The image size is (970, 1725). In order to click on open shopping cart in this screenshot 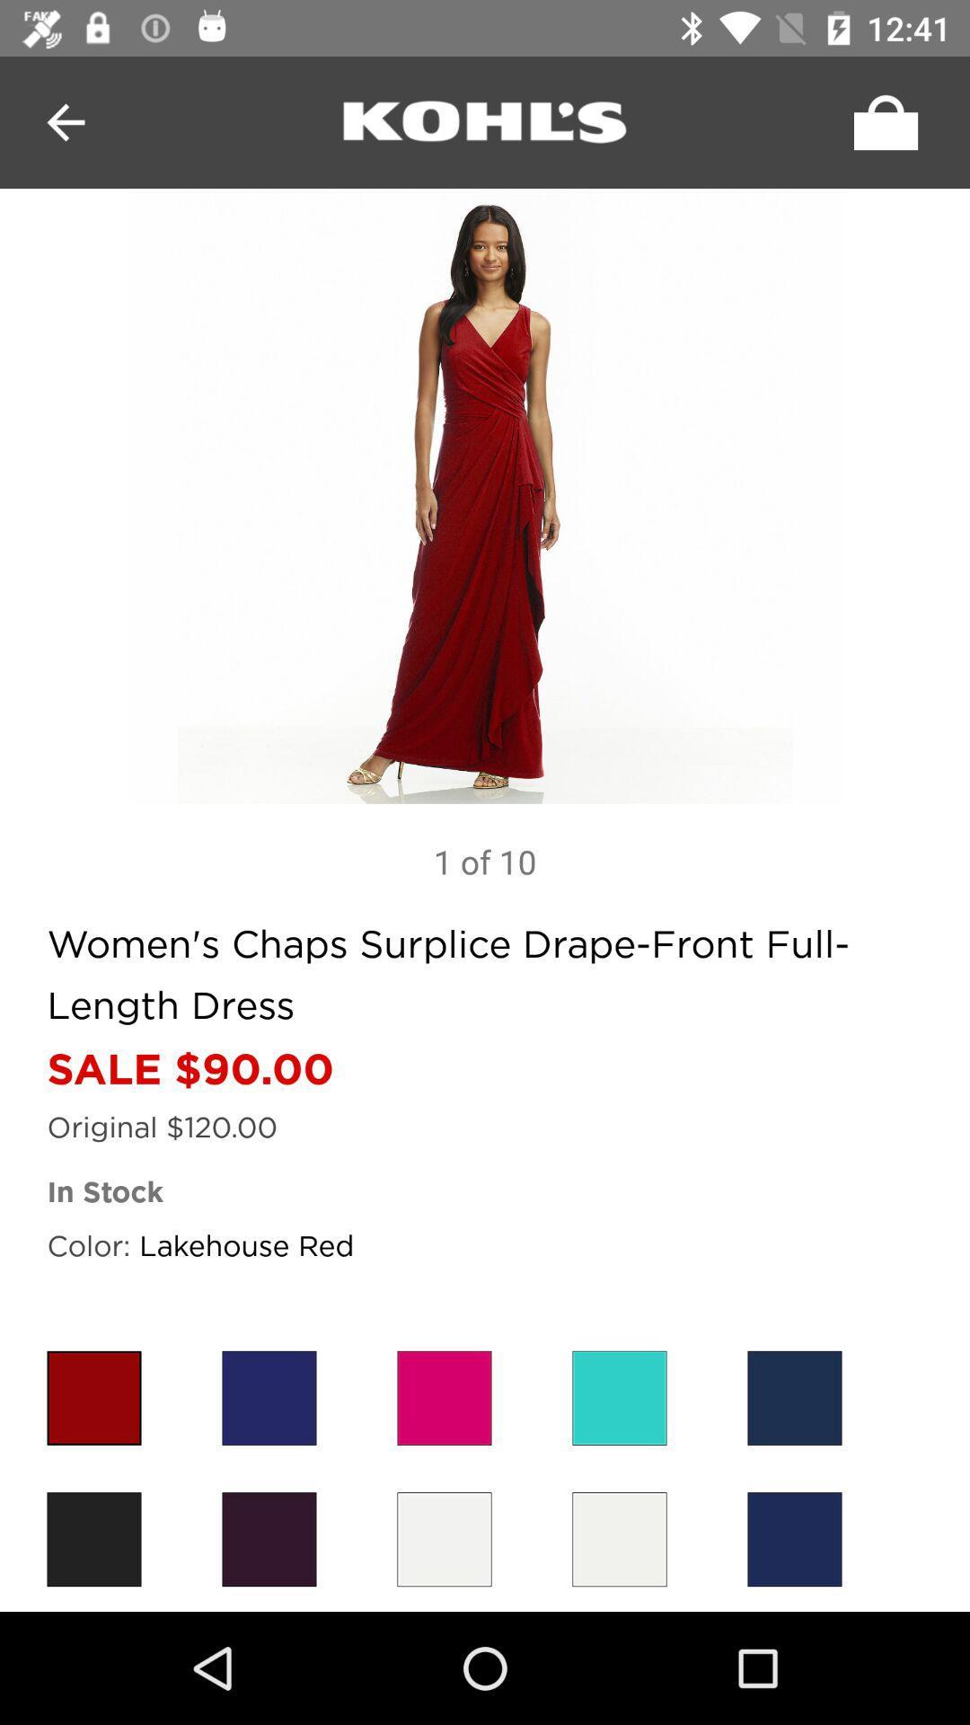, I will do `click(880, 121)`.